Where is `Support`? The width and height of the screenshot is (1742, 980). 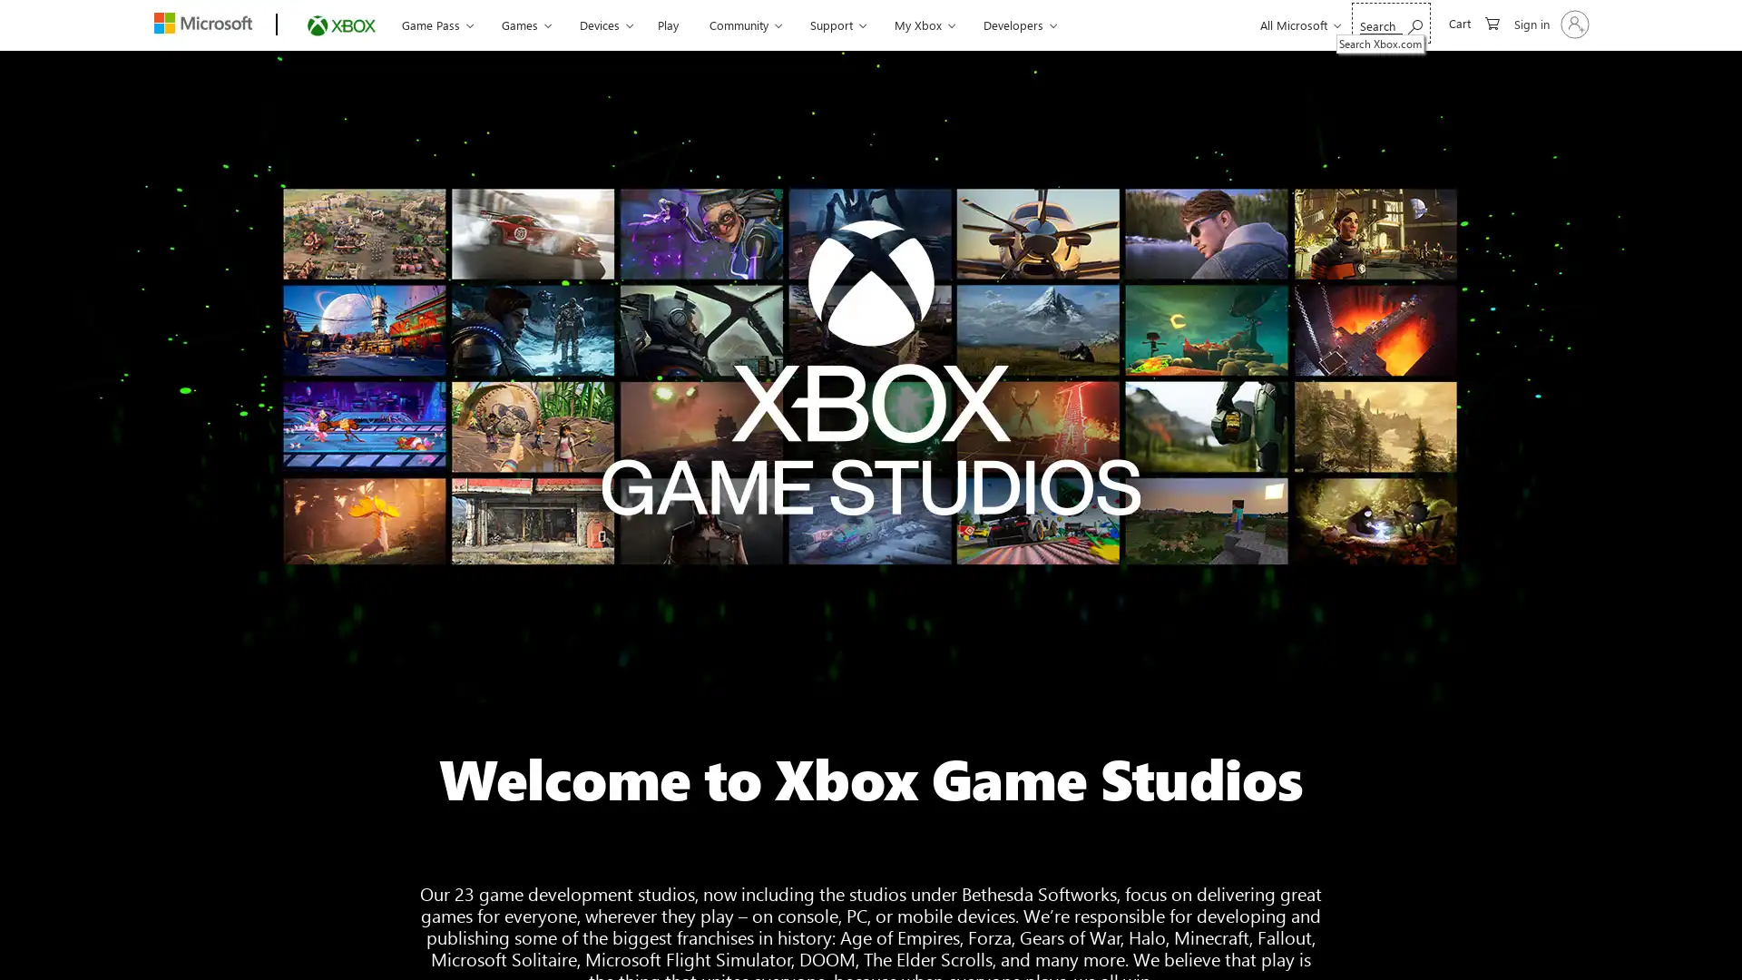
Support is located at coordinates (818, 24).